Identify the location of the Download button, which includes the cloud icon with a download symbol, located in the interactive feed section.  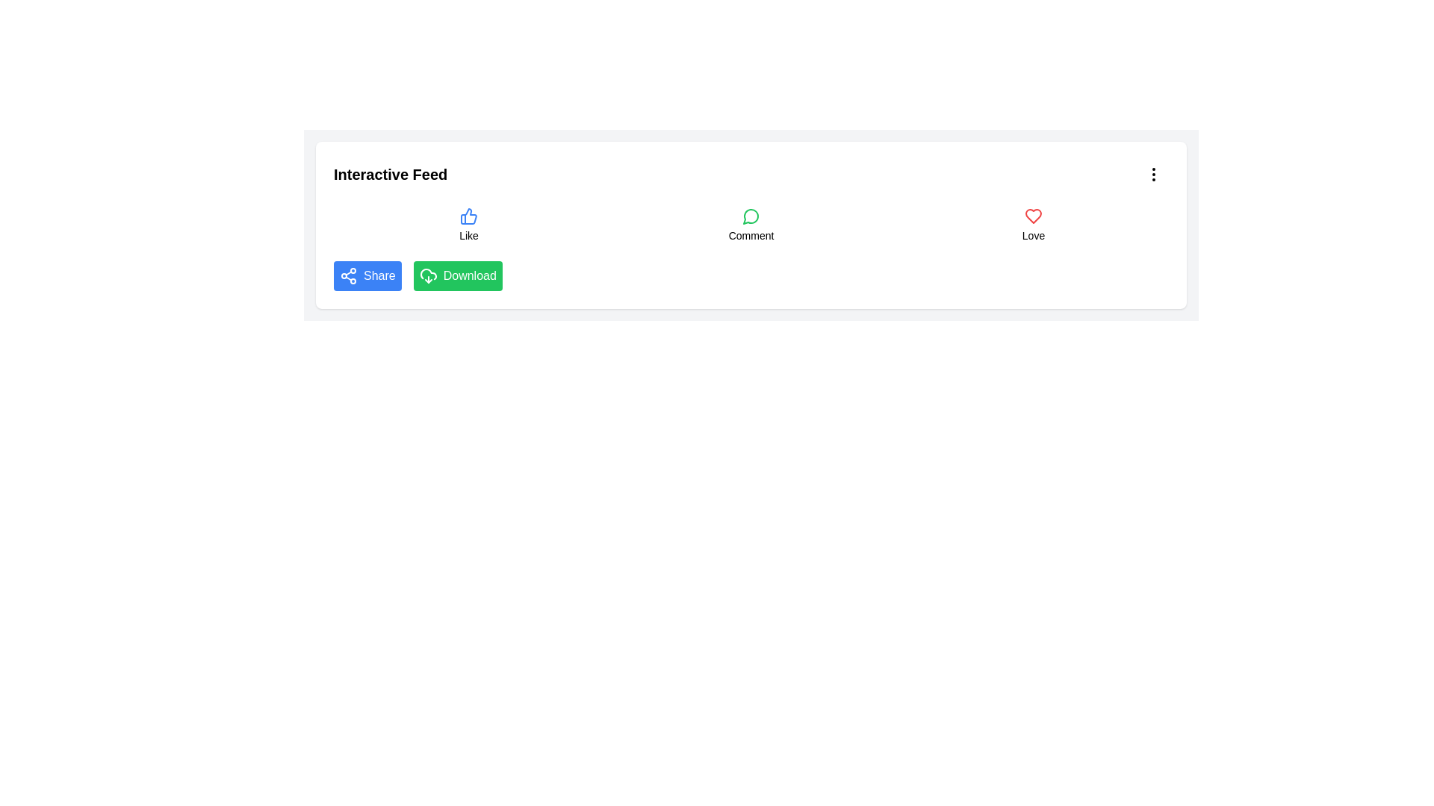
(427, 274).